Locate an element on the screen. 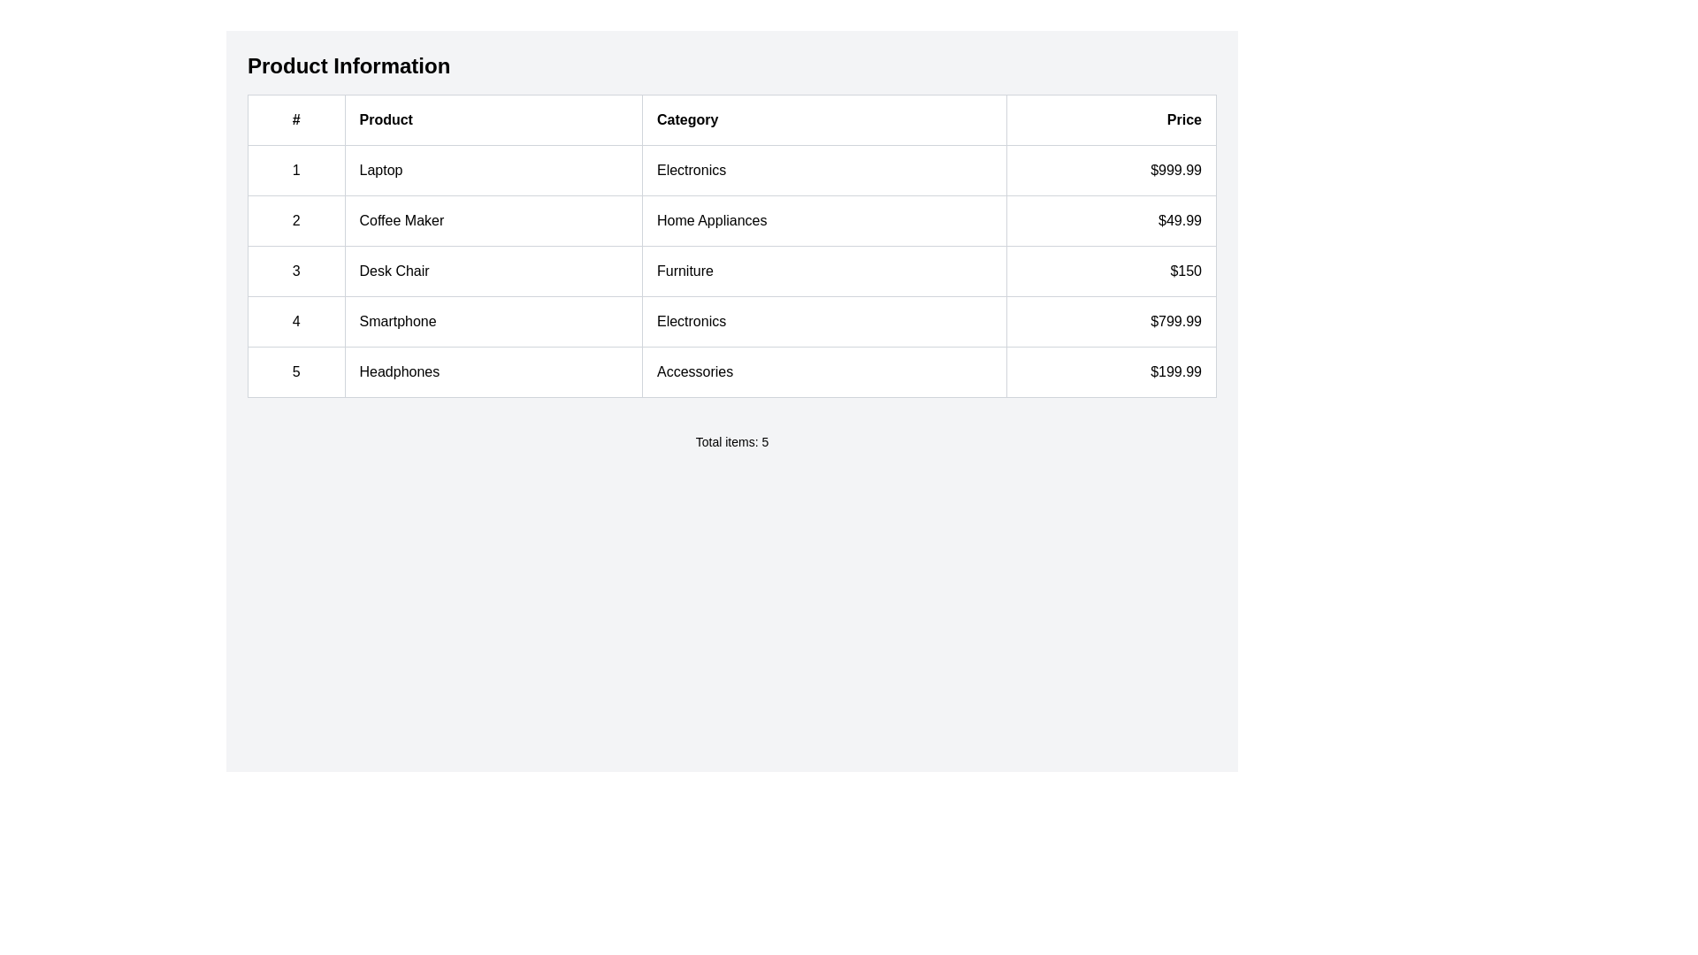 This screenshot has height=955, width=1698. the first row of the data table displaying product information for 'Laptop', which includes columns for '1', 'Laptop', 'Electronics', and '$999.99' is located at coordinates (732, 170).